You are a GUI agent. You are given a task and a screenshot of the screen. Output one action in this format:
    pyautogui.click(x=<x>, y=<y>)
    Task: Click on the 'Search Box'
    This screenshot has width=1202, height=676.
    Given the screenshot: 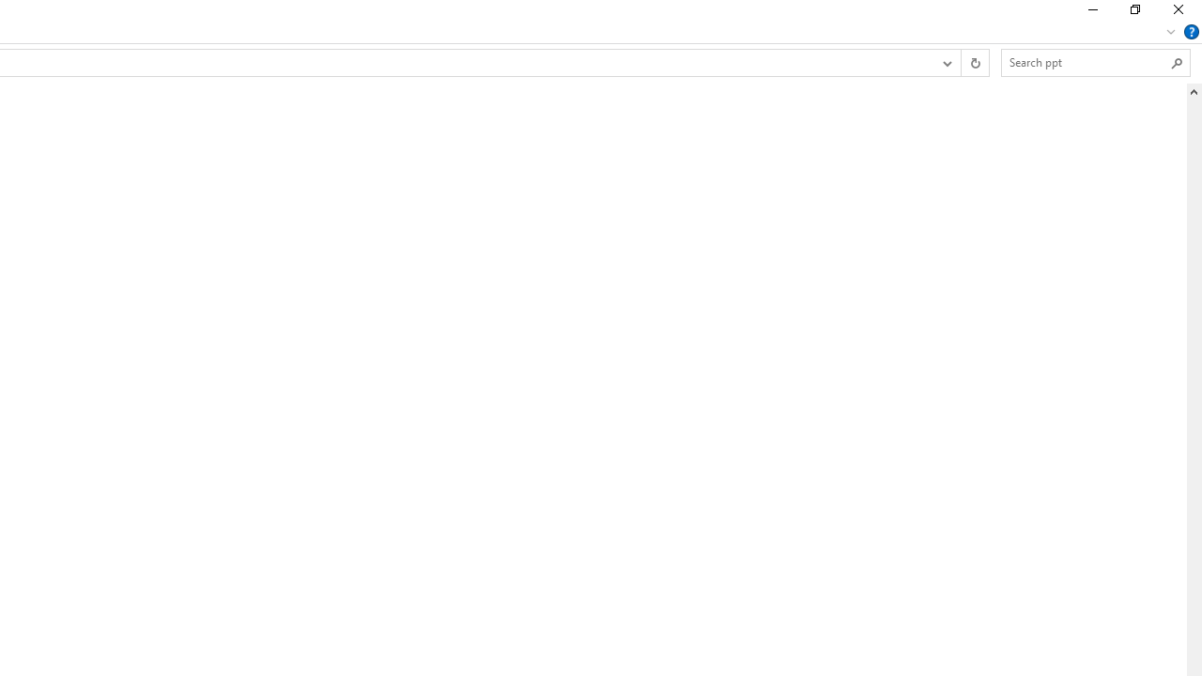 What is the action you would take?
    pyautogui.click(x=1086, y=61)
    